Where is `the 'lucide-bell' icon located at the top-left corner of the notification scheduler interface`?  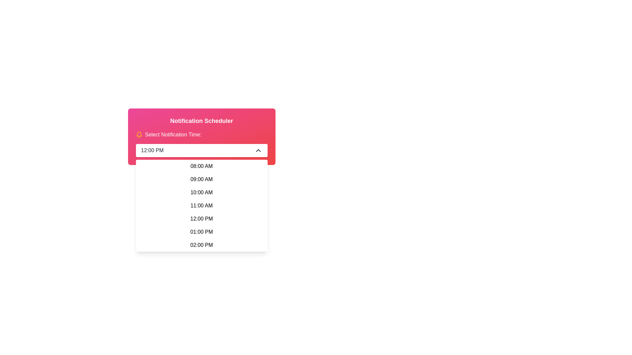
the 'lucide-bell' icon located at the top-left corner of the notification scheduler interface is located at coordinates (139, 133).